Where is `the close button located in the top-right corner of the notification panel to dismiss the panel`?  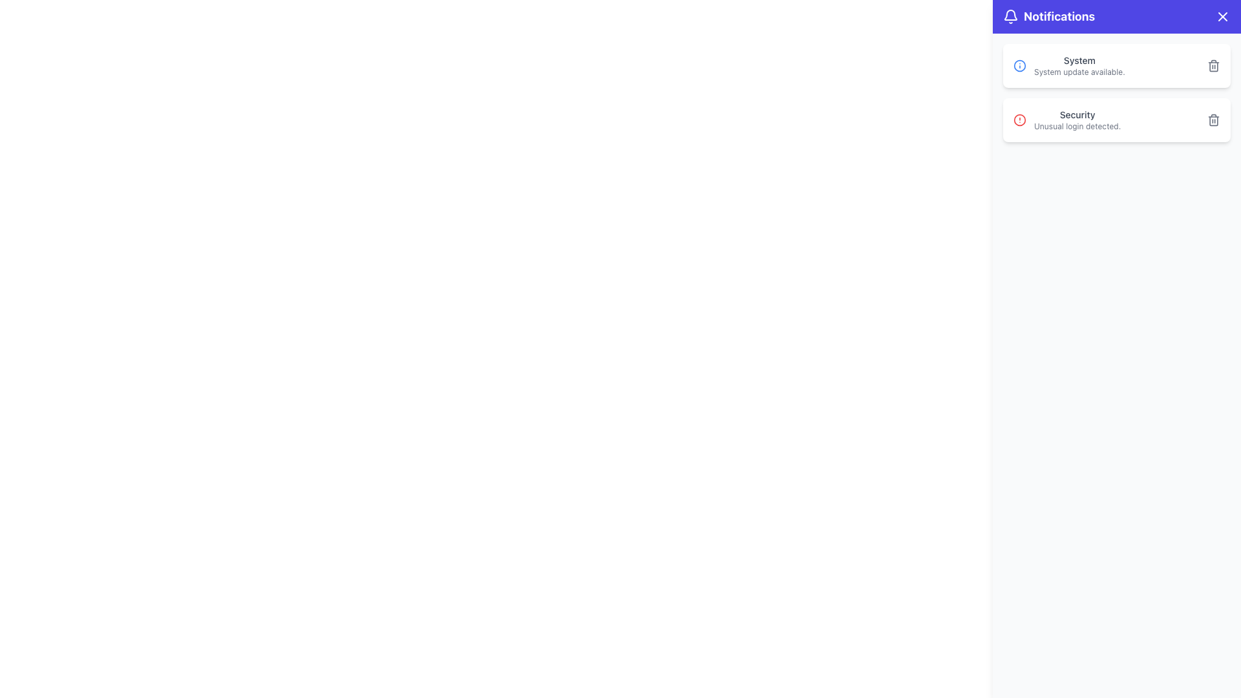
the close button located in the top-right corner of the notification panel to dismiss the panel is located at coordinates (1222, 17).